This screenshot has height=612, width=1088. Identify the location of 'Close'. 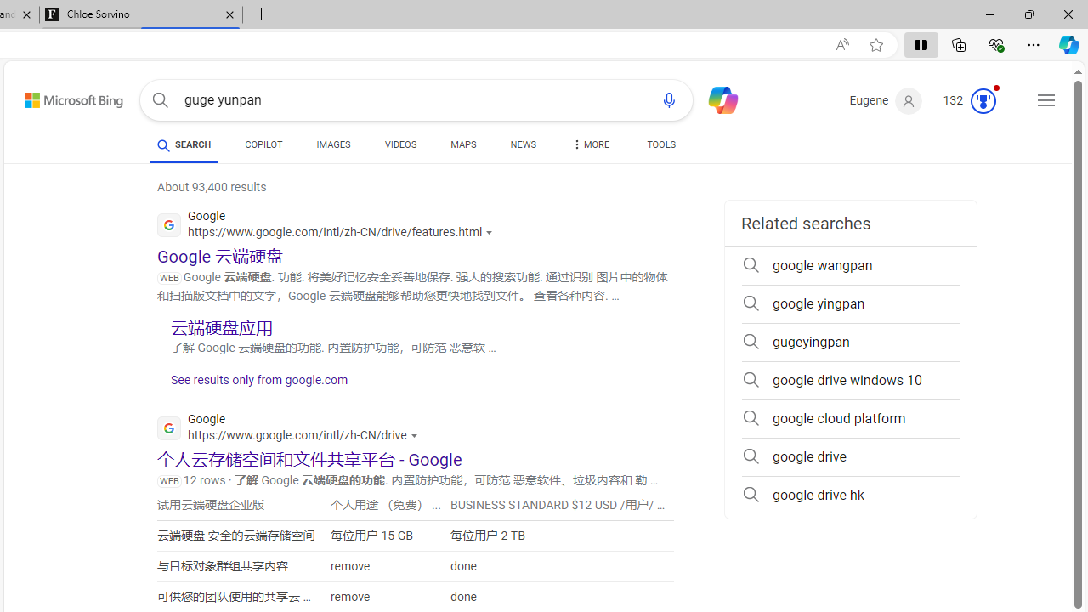
(1067, 14).